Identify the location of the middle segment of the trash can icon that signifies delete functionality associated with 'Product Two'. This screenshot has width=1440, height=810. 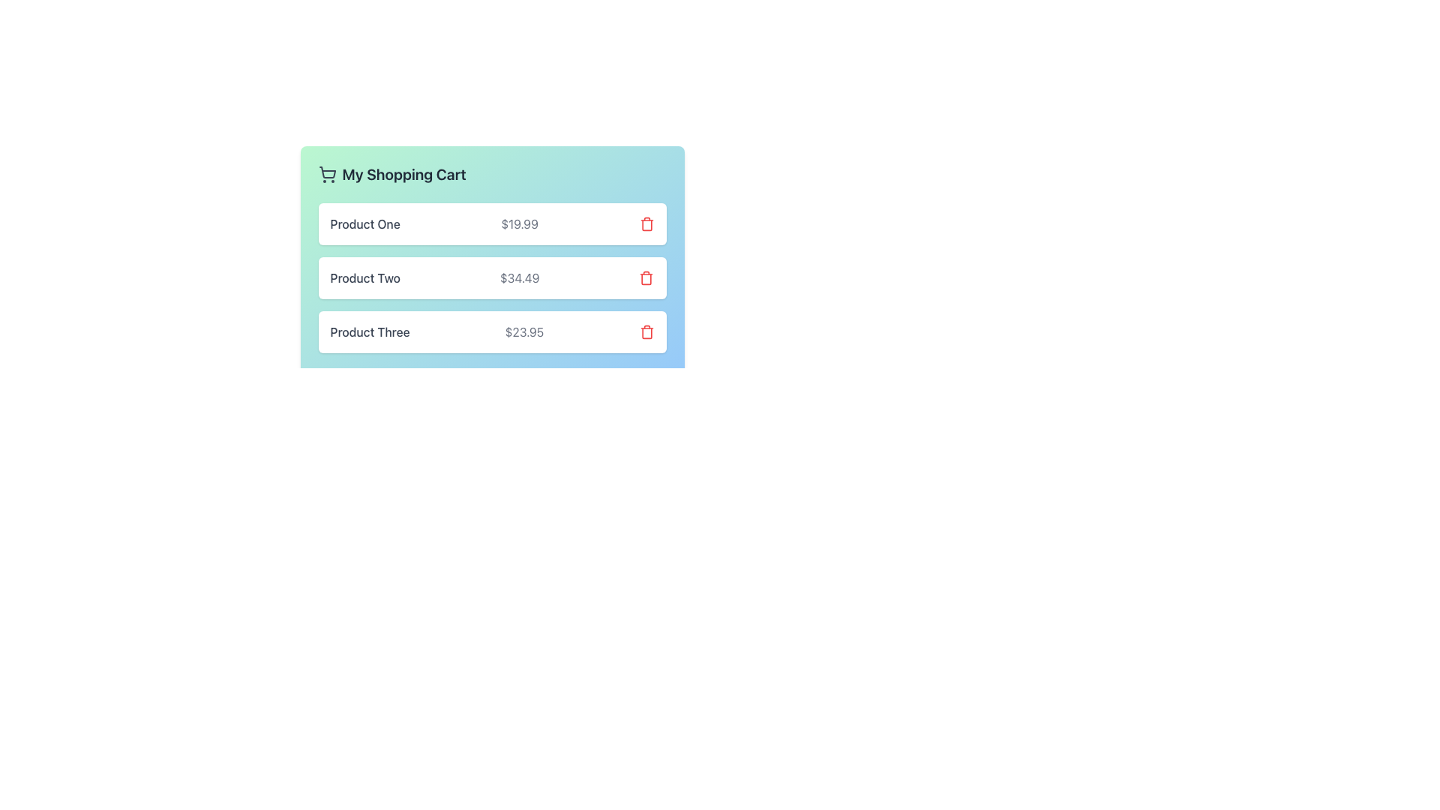
(646, 279).